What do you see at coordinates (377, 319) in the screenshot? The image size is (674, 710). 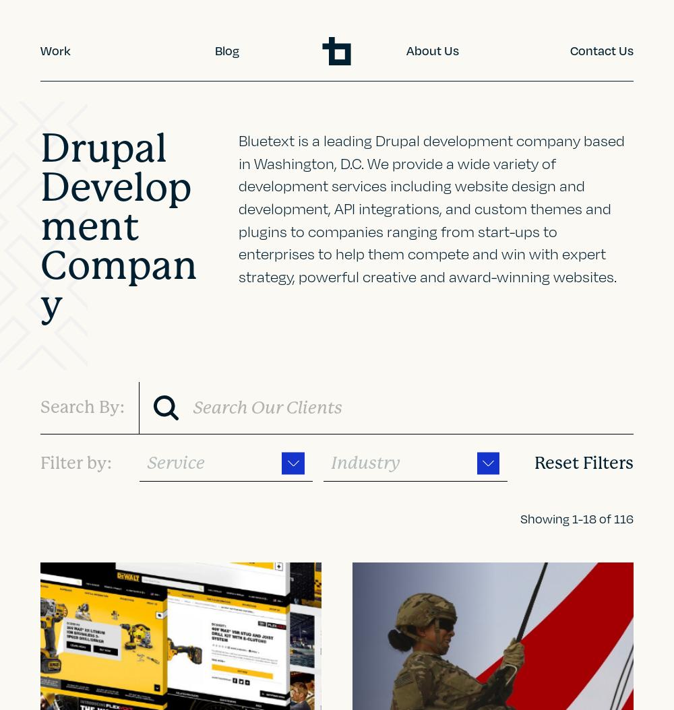 I see `'Energy'` at bounding box center [377, 319].